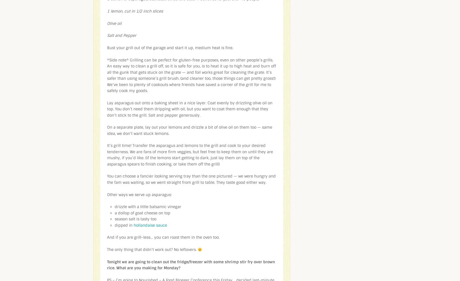 The width and height of the screenshot is (460, 281). I want to click on 'hollandaise sauce', so click(150, 225).